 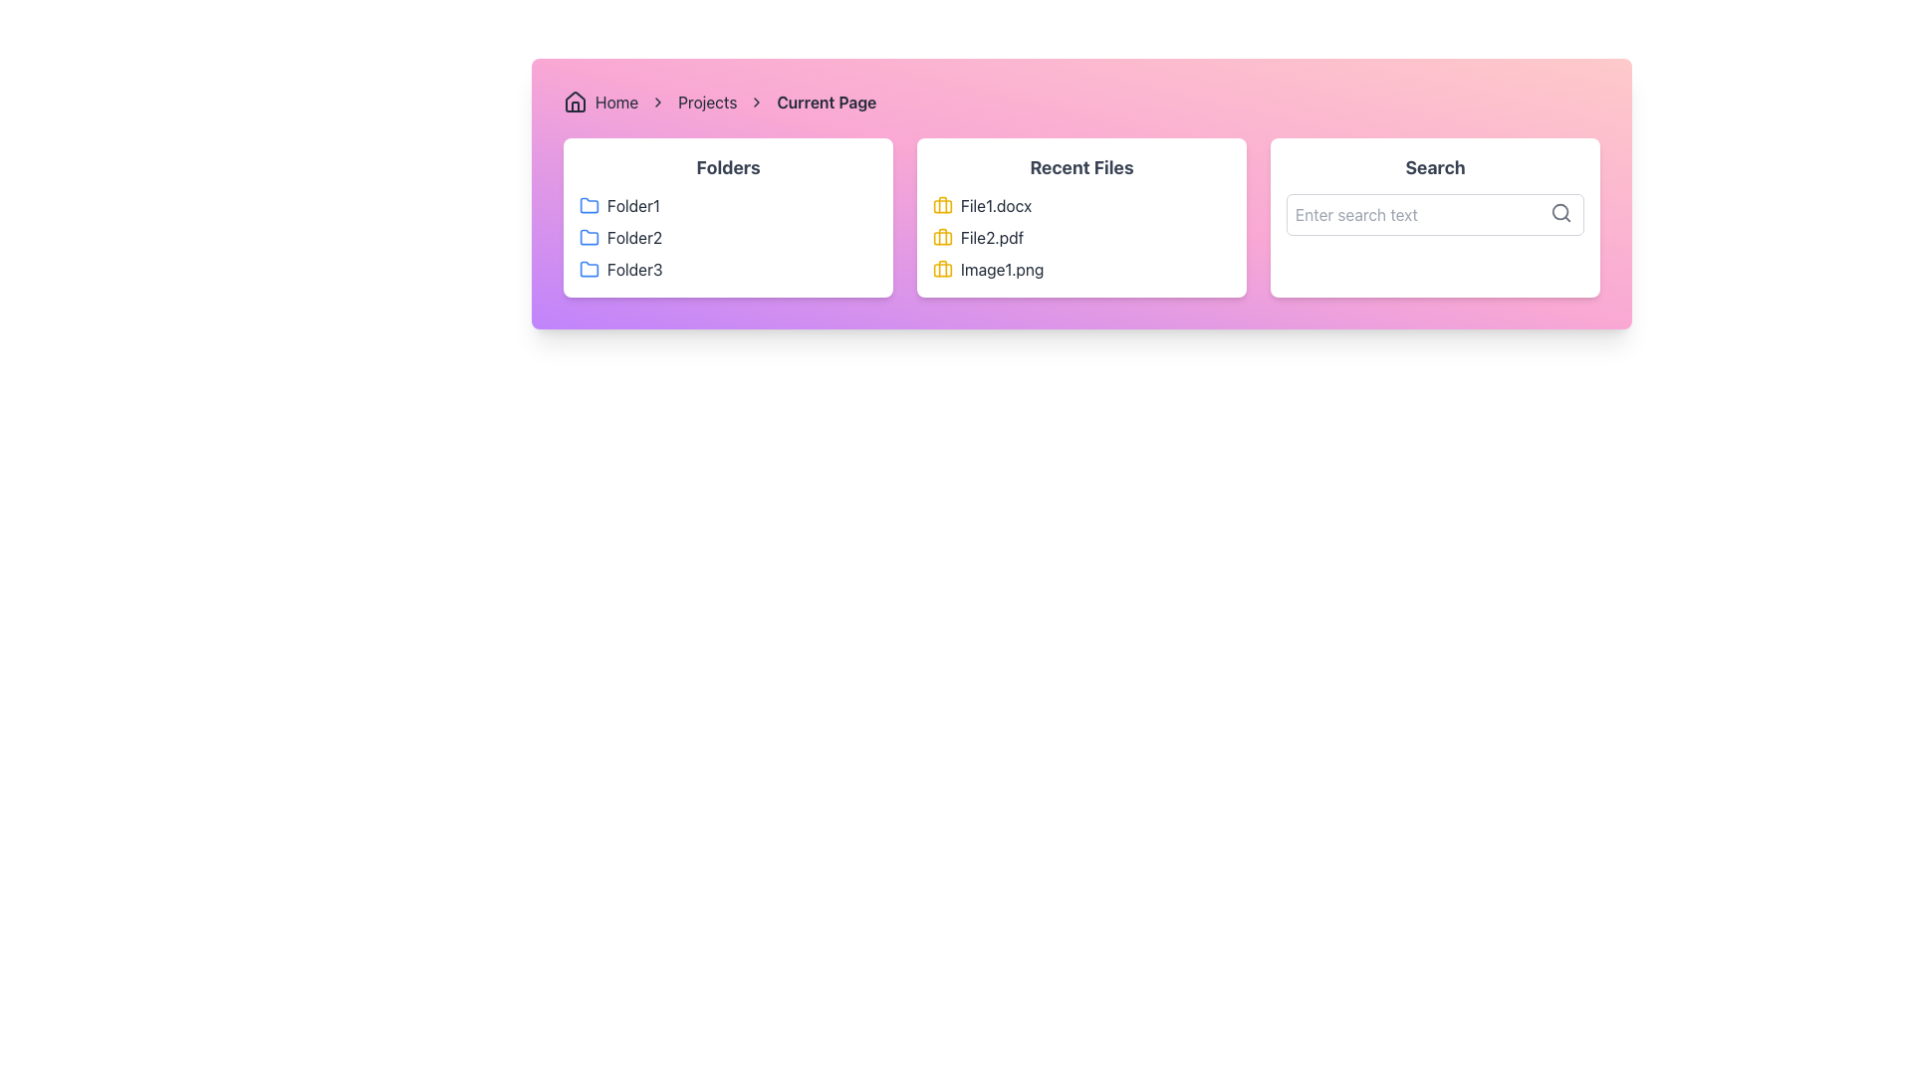 What do you see at coordinates (1080, 269) in the screenshot?
I see `the file entry for 'Image1.png' in the 'Recent Files' section` at bounding box center [1080, 269].